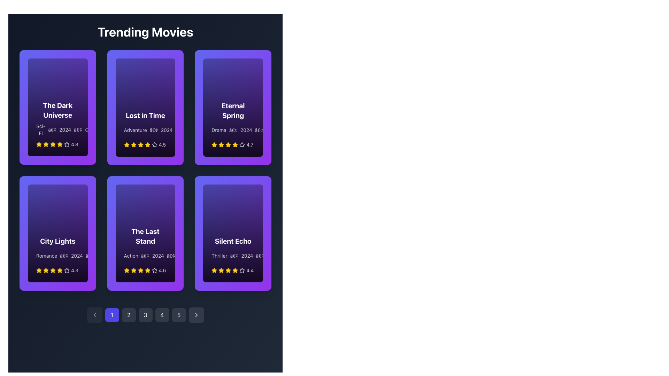 This screenshot has width=669, height=376. I want to click on the vibrant indigo circular button with a play icon in the top-right corner of the 'Eternal Spring' card in the 'Trending Movies' section, so click(259, 64).